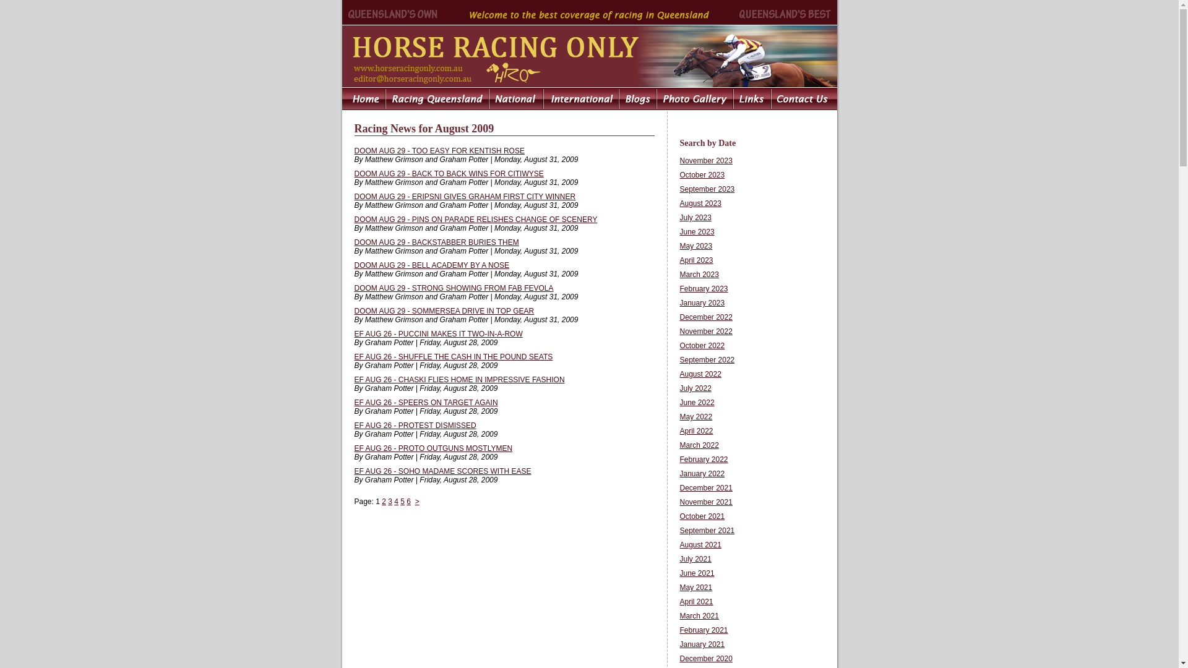 This screenshot has height=668, width=1188. What do you see at coordinates (707, 360) in the screenshot?
I see `'September 2022'` at bounding box center [707, 360].